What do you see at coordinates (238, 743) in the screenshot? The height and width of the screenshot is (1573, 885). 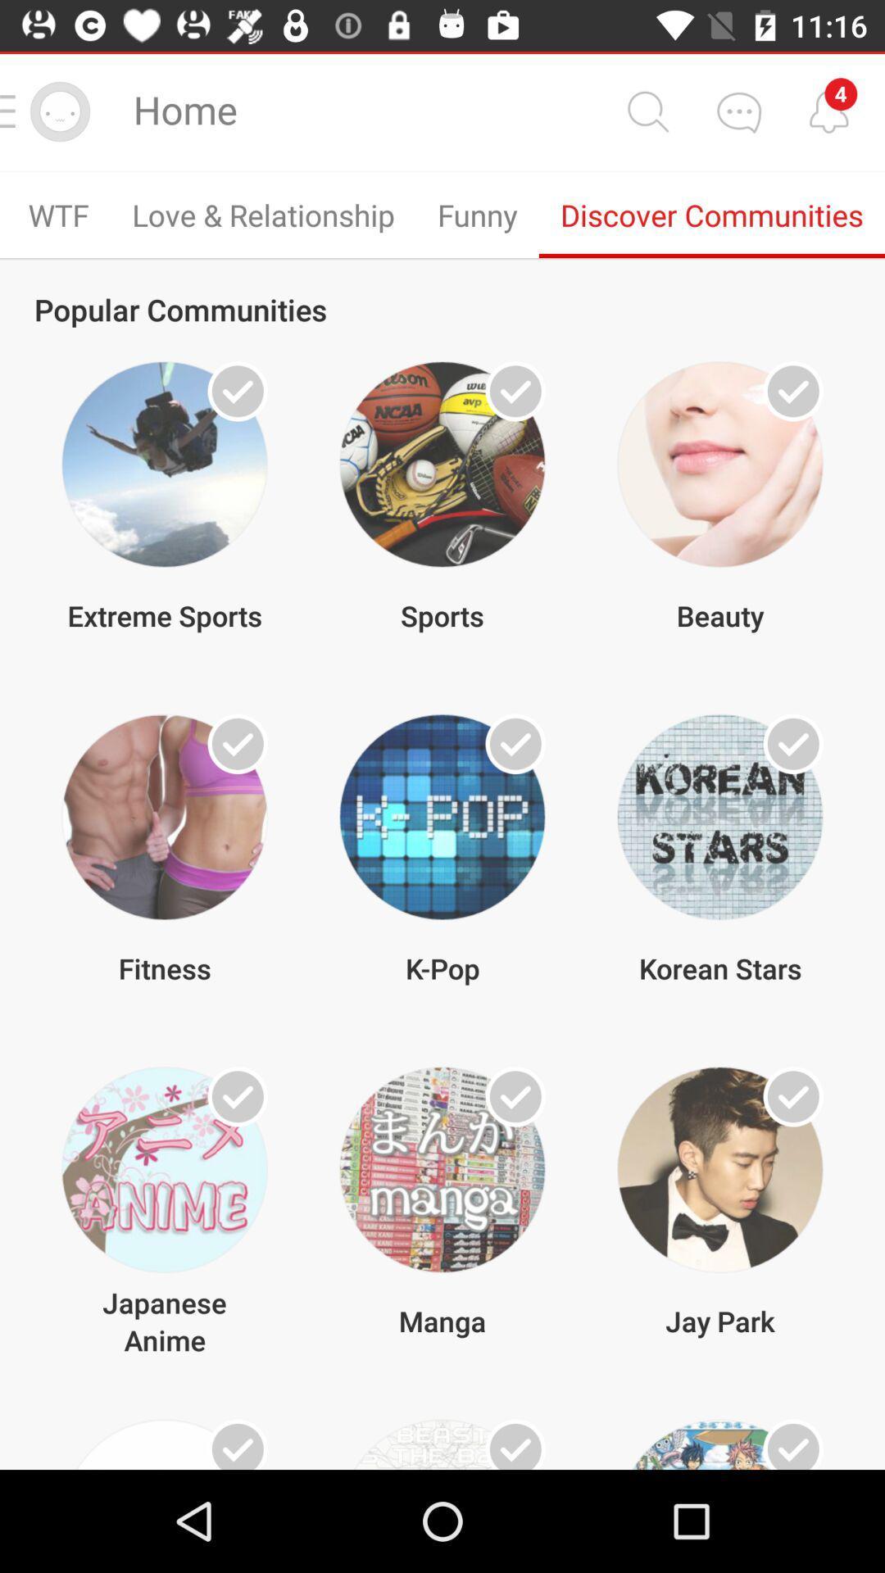 I see `join community toggle` at bounding box center [238, 743].